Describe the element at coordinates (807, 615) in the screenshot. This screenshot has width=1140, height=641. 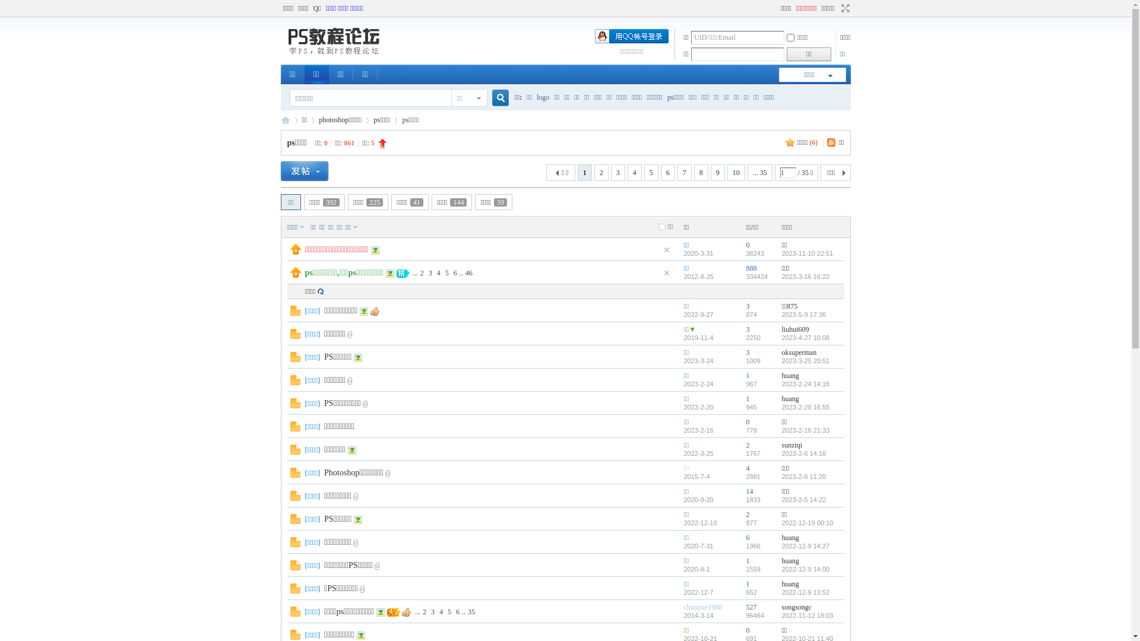
I see `'2022-11-12 18:03'` at that location.